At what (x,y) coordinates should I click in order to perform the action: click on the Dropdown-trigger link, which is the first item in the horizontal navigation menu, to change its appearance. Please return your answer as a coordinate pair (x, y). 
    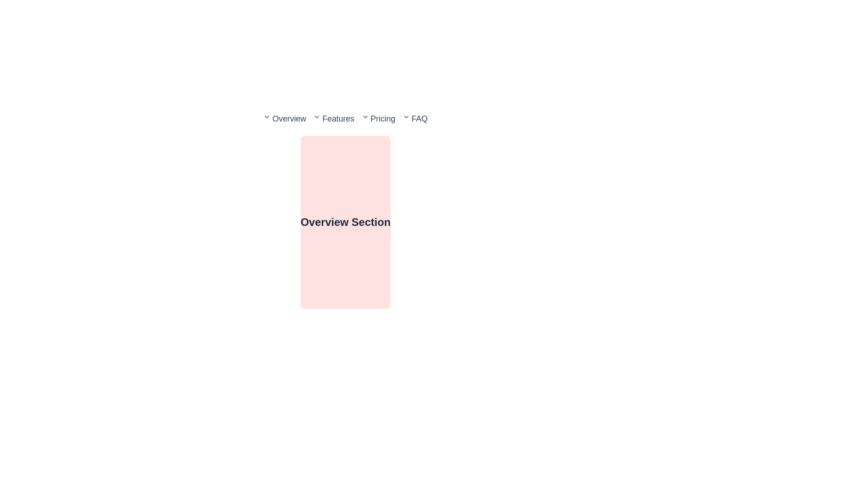
    Looking at the image, I should click on (284, 118).